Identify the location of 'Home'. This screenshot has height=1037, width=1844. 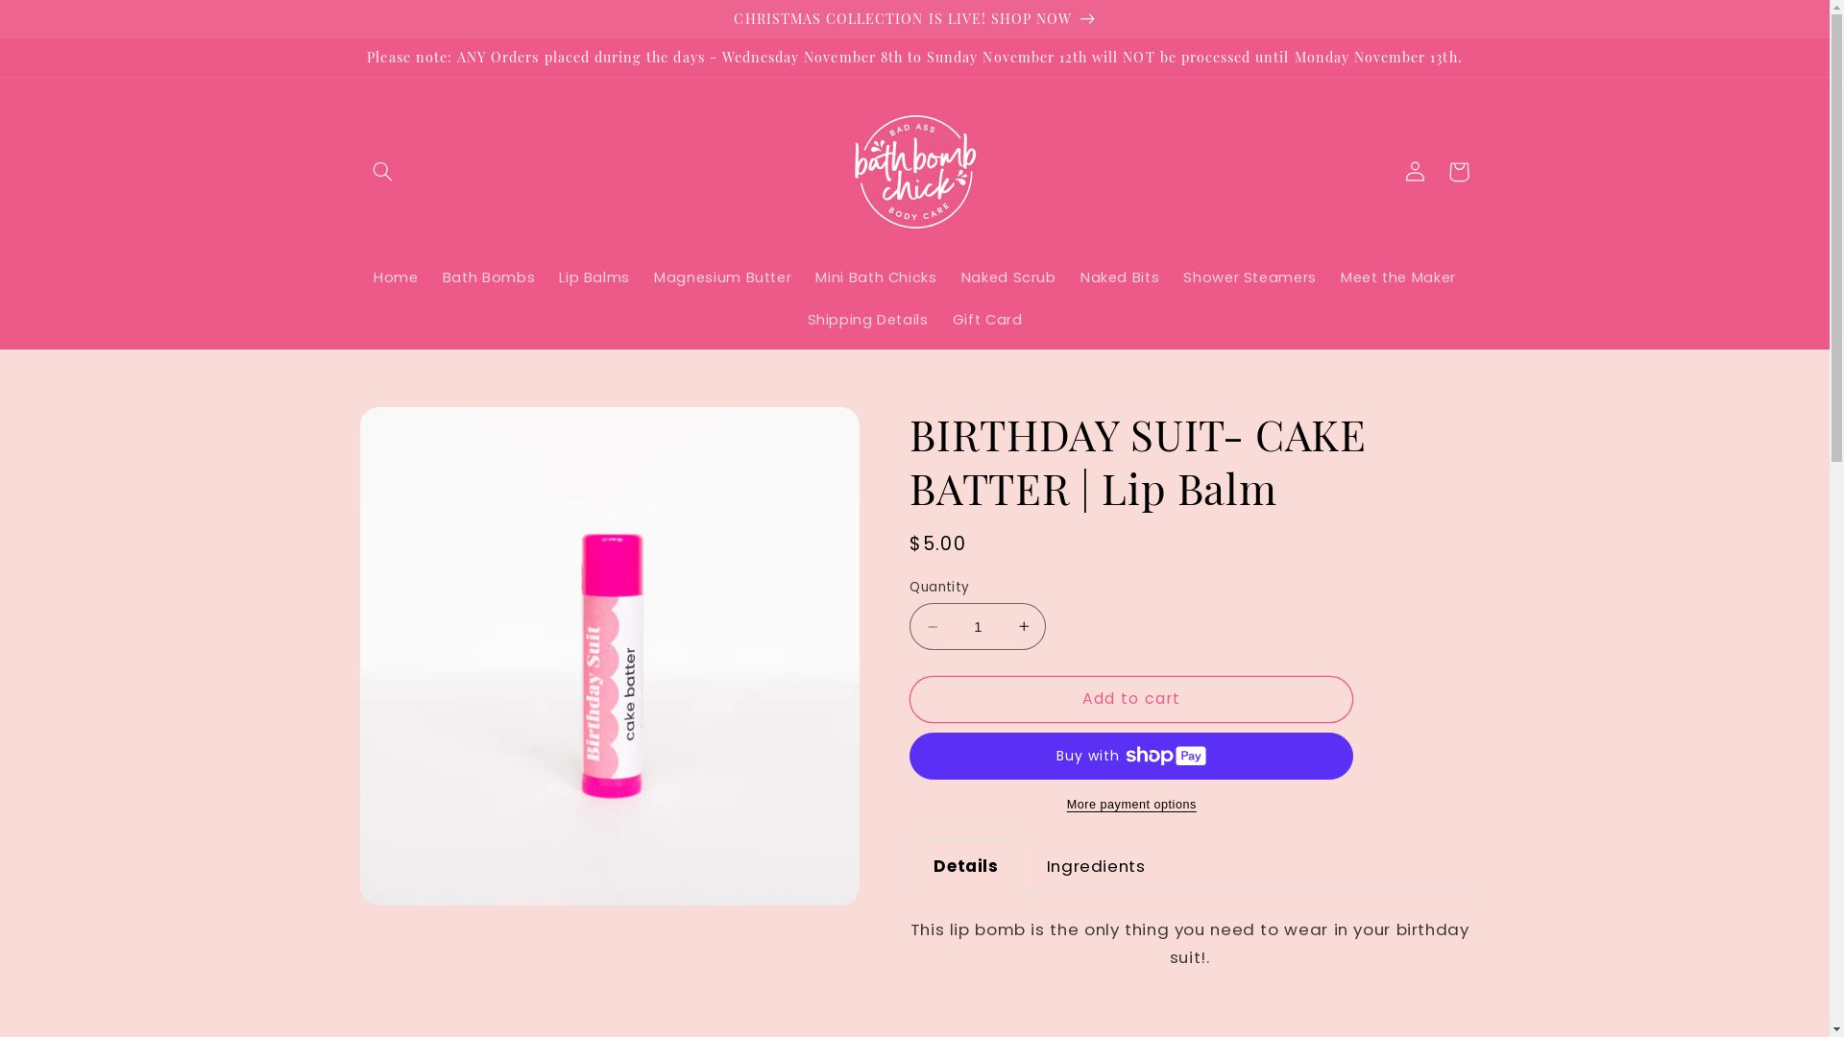
(395, 277).